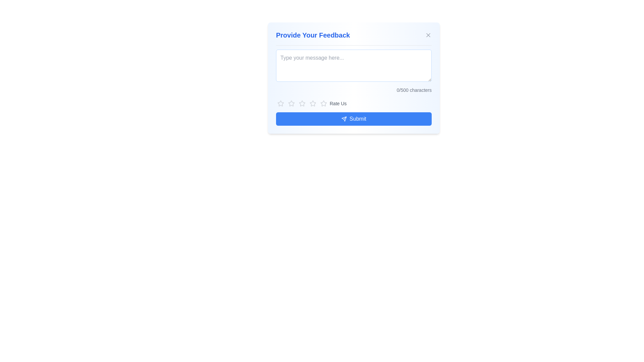 The height and width of the screenshot is (362, 644). I want to click on the close button located at the rightmost position in the header section of the feedback form, so click(428, 35).